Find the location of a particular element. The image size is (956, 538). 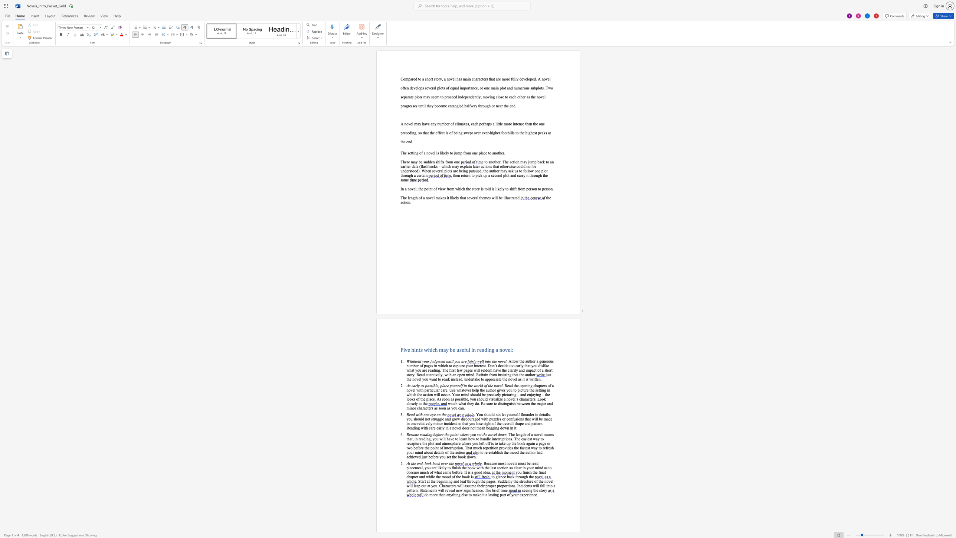

the 7th character "s" in the text is located at coordinates (451, 170).